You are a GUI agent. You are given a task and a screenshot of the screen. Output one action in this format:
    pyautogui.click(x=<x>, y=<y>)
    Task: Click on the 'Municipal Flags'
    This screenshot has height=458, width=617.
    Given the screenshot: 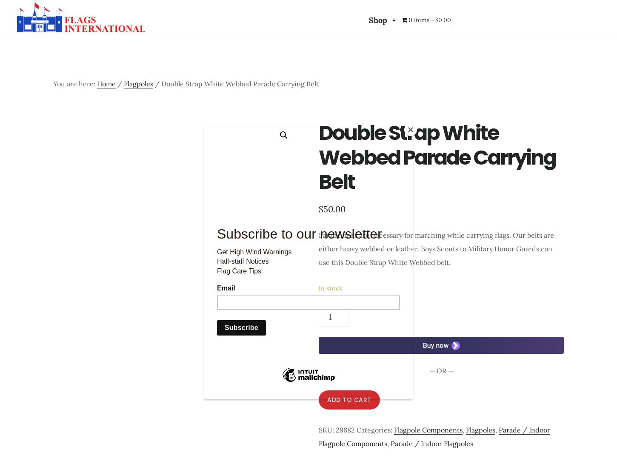 What is the action you would take?
    pyautogui.click(x=168, y=163)
    